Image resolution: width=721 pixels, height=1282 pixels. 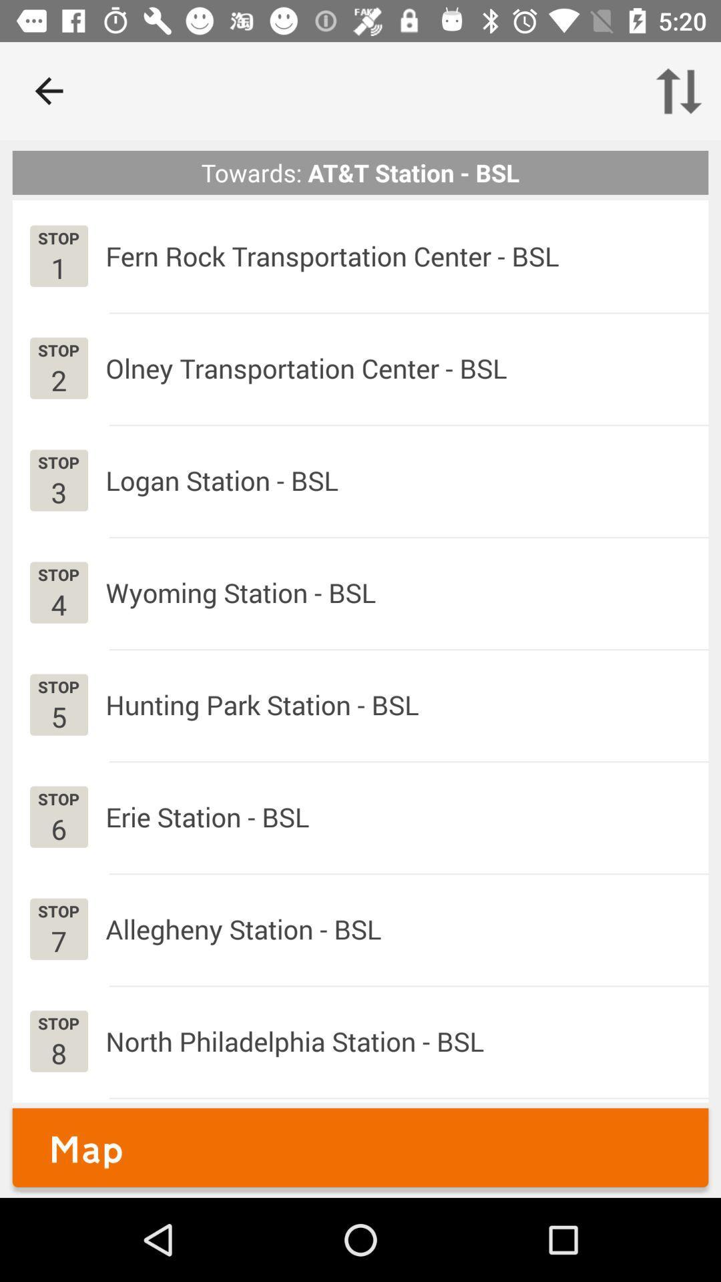 What do you see at coordinates (58, 379) in the screenshot?
I see `app below the stop` at bounding box center [58, 379].